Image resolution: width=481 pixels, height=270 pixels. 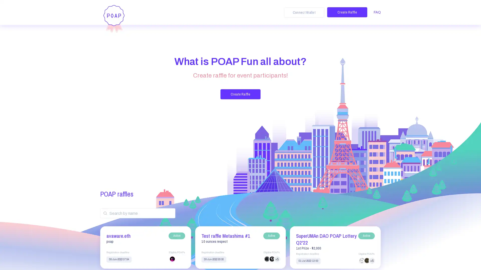 What do you see at coordinates (304, 12) in the screenshot?
I see `Connect Wallet` at bounding box center [304, 12].